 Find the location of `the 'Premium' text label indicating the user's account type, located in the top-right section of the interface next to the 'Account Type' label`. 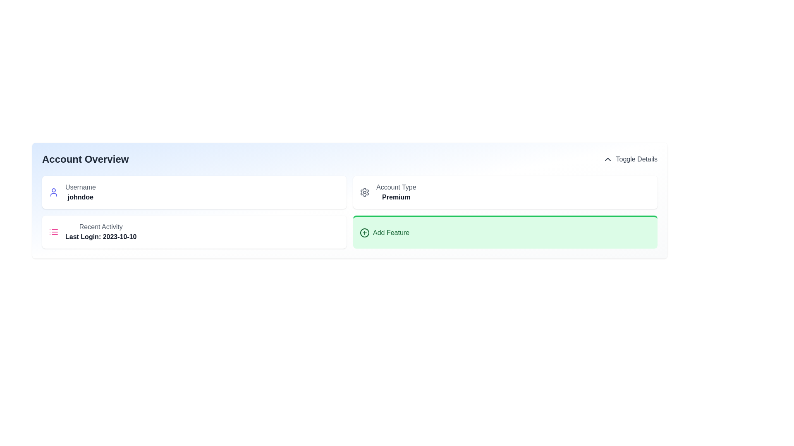

the 'Premium' text label indicating the user's account type, located in the top-right section of the interface next to the 'Account Type' label is located at coordinates (396, 197).